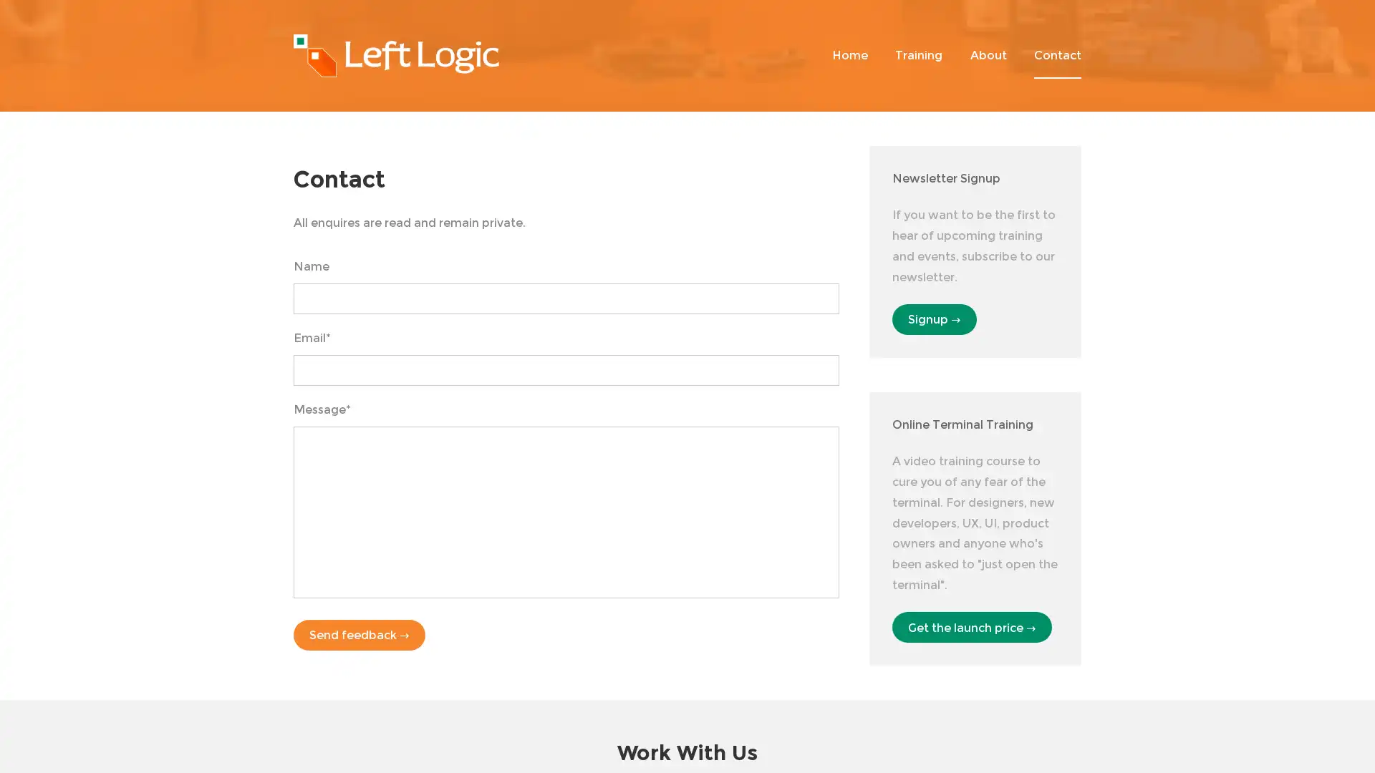 The image size is (1375, 773). Describe the element at coordinates (359, 634) in the screenshot. I see `Send feedback` at that location.